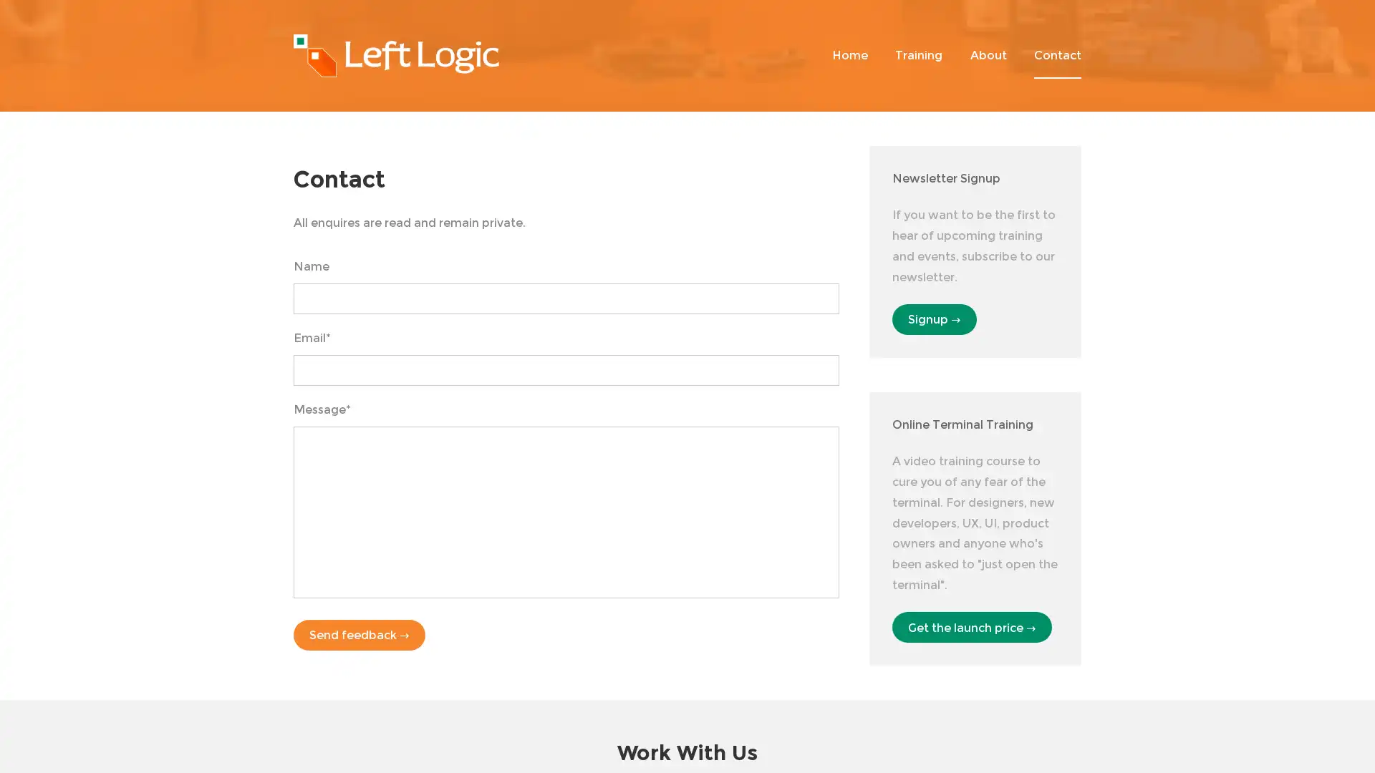 The image size is (1375, 773). Describe the element at coordinates (359, 634) in the screenshot. I see `Send feedback` at that location.